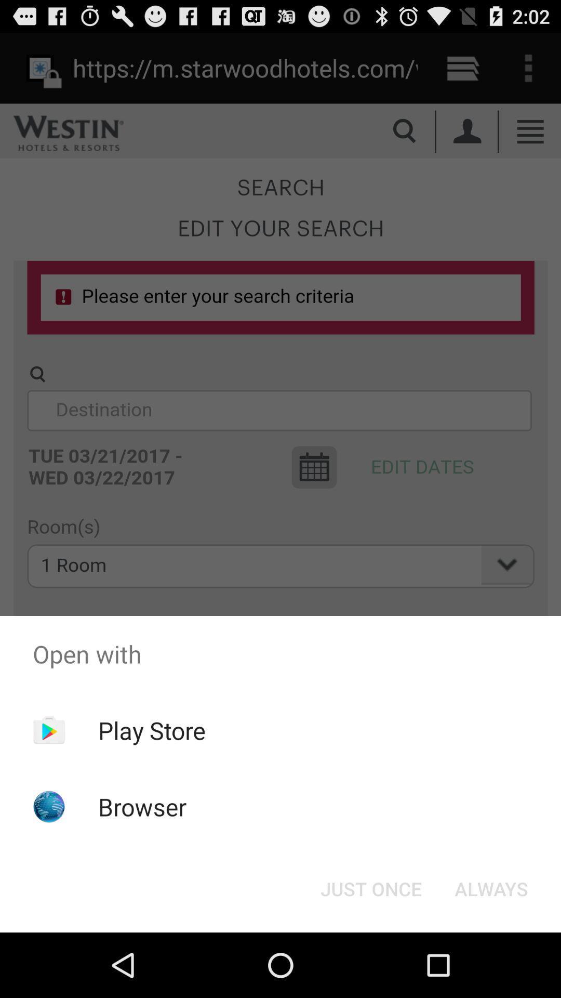 The width and height of the screenshot is (561, 998). I want to click on play store item, so click(152, 730).